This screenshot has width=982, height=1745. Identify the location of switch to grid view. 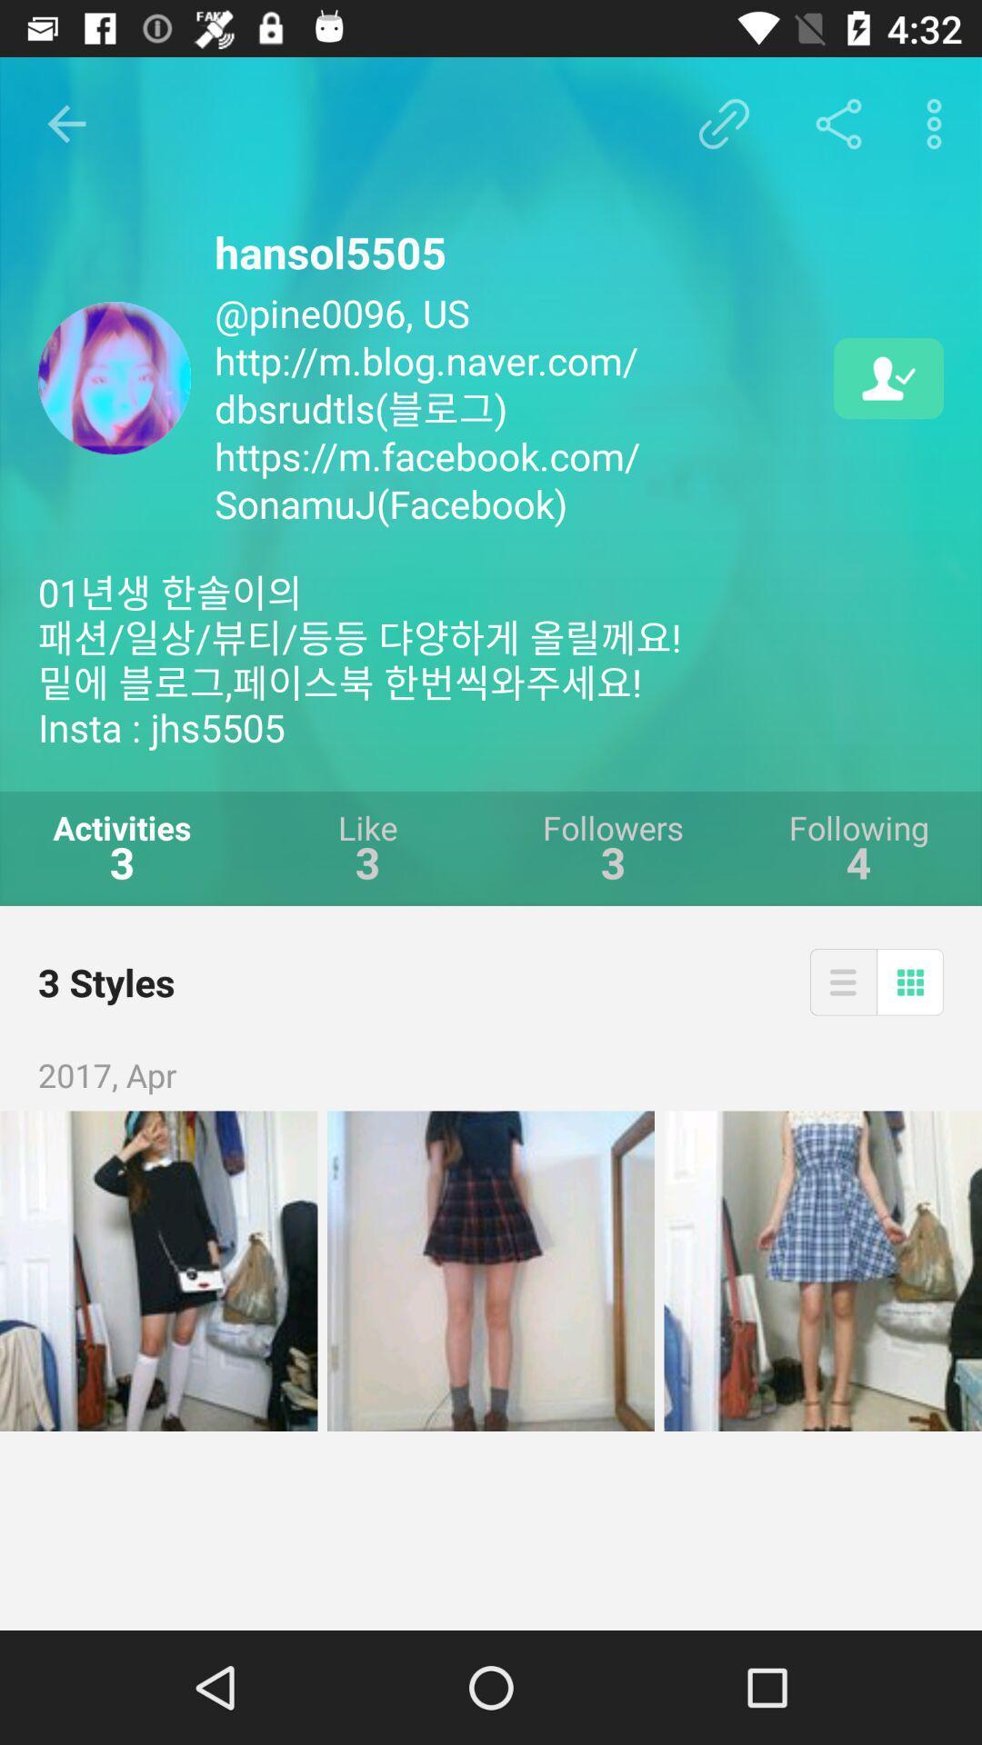
(910, 981).